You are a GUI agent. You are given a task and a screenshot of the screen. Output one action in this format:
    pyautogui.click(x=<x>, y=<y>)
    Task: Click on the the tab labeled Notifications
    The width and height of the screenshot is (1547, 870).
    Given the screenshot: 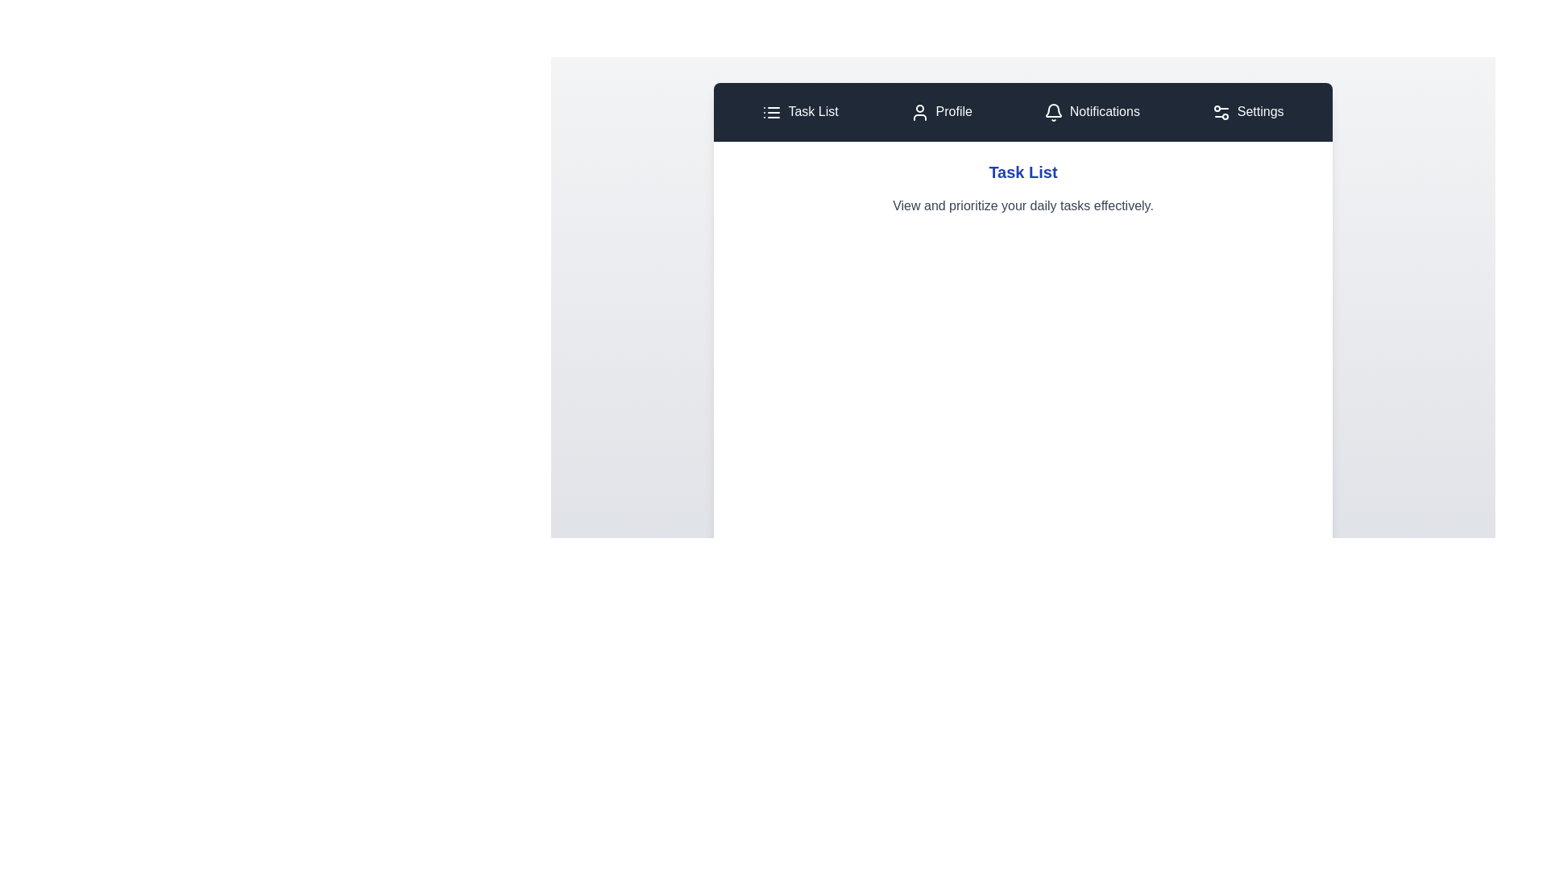 What is the action you would take?
    pyautogui.click(x=1092, y=111)
    